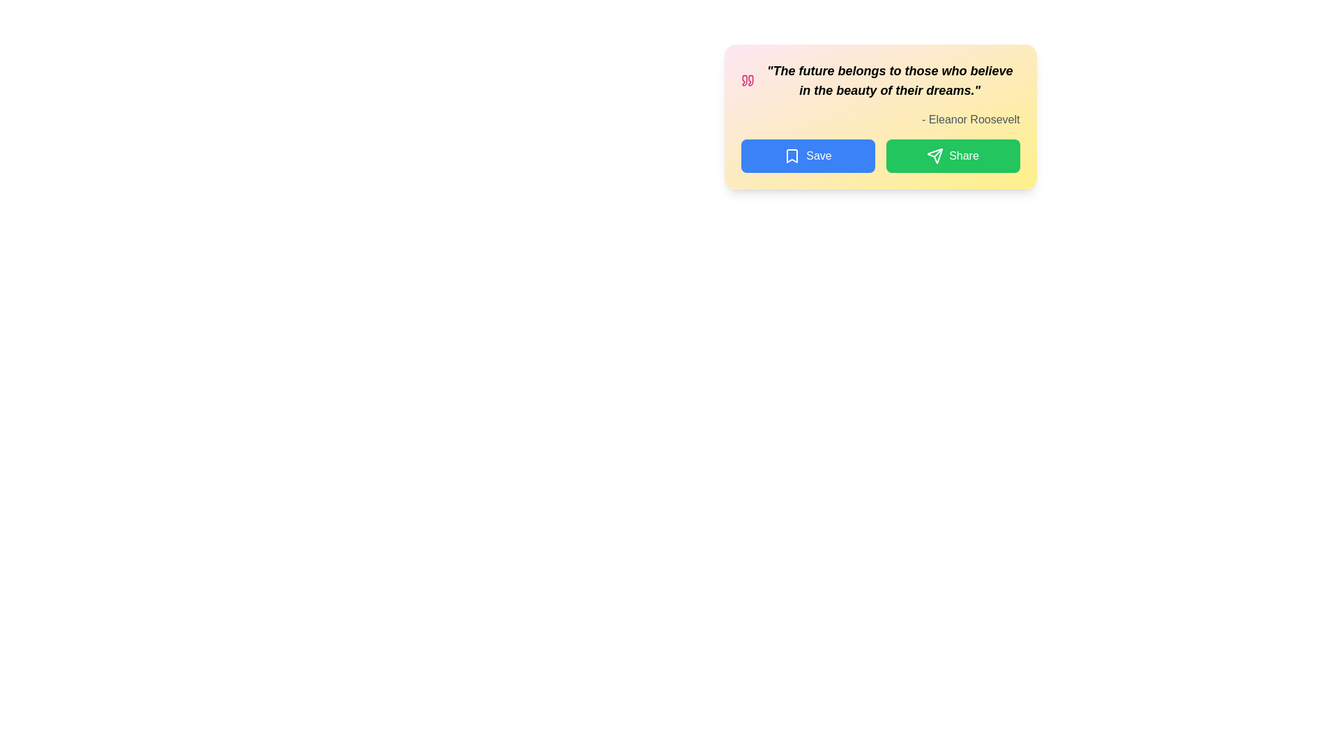 The image size is (1339, 753). Describe the element at coordinates (792, 155) in the screenshot. I see `the bookmark icon located inside the 'Save' button, which is the second button from the left in the horizontal button group at the bottom center of the card` at that location.